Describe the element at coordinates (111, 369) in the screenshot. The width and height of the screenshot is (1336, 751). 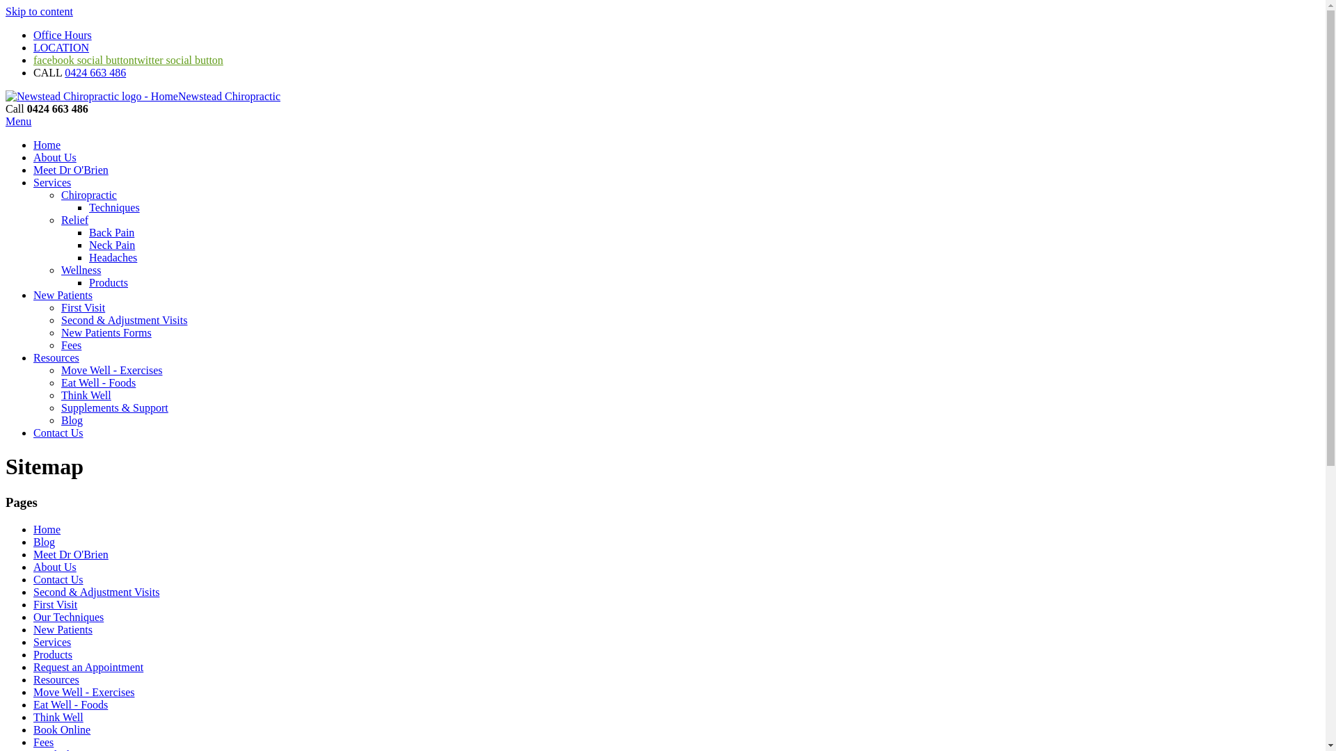
I see `'Move Well - Exercises'` at that location.